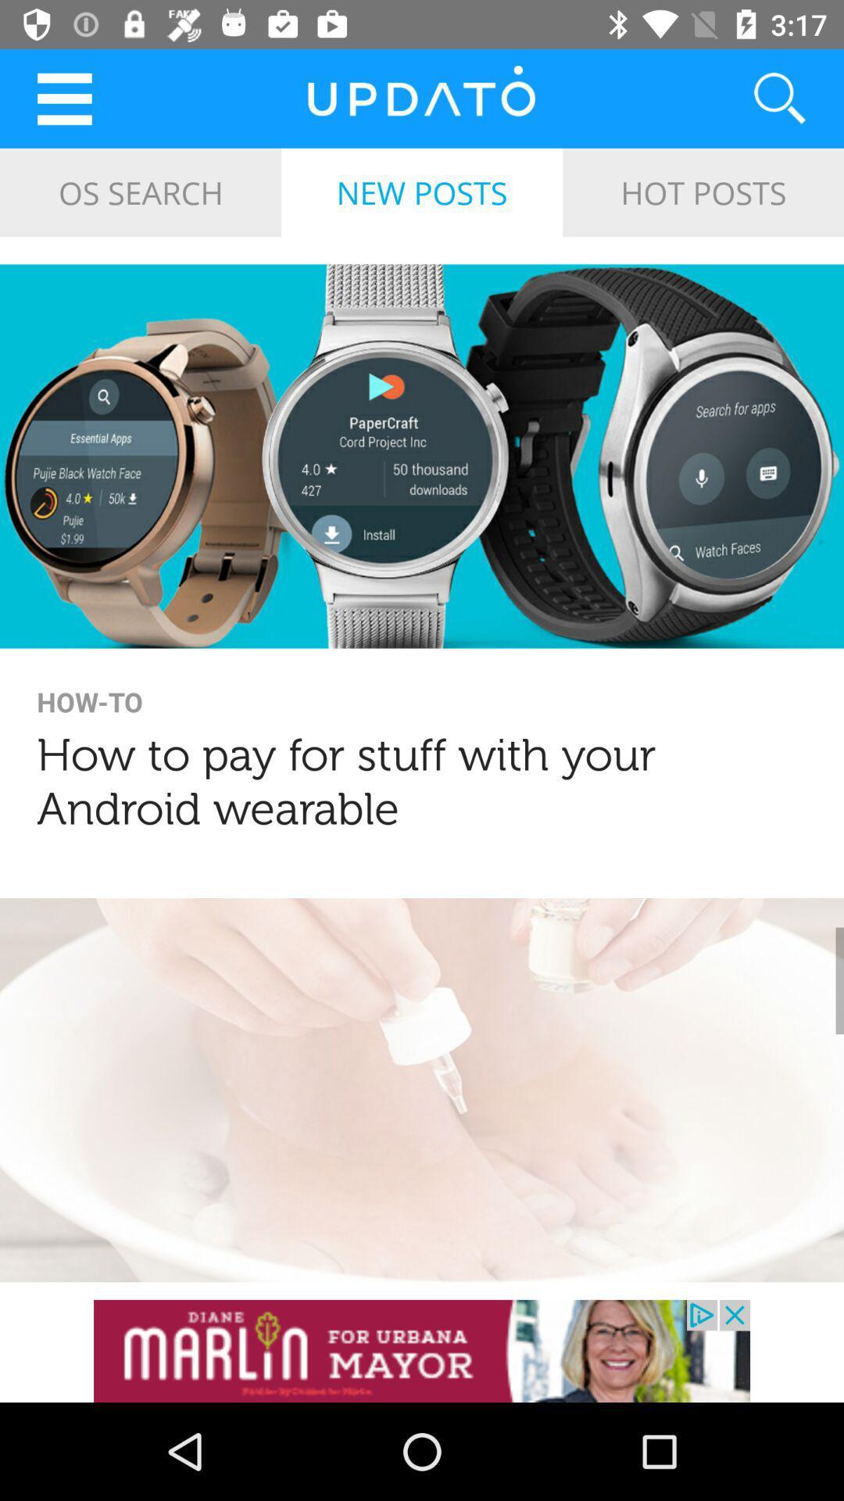 This screenshot has width=844, height=1501. What do you see at coordinates (760, 98) in the screenshot?
I see `the search icon` at bounding box center [760, 98].